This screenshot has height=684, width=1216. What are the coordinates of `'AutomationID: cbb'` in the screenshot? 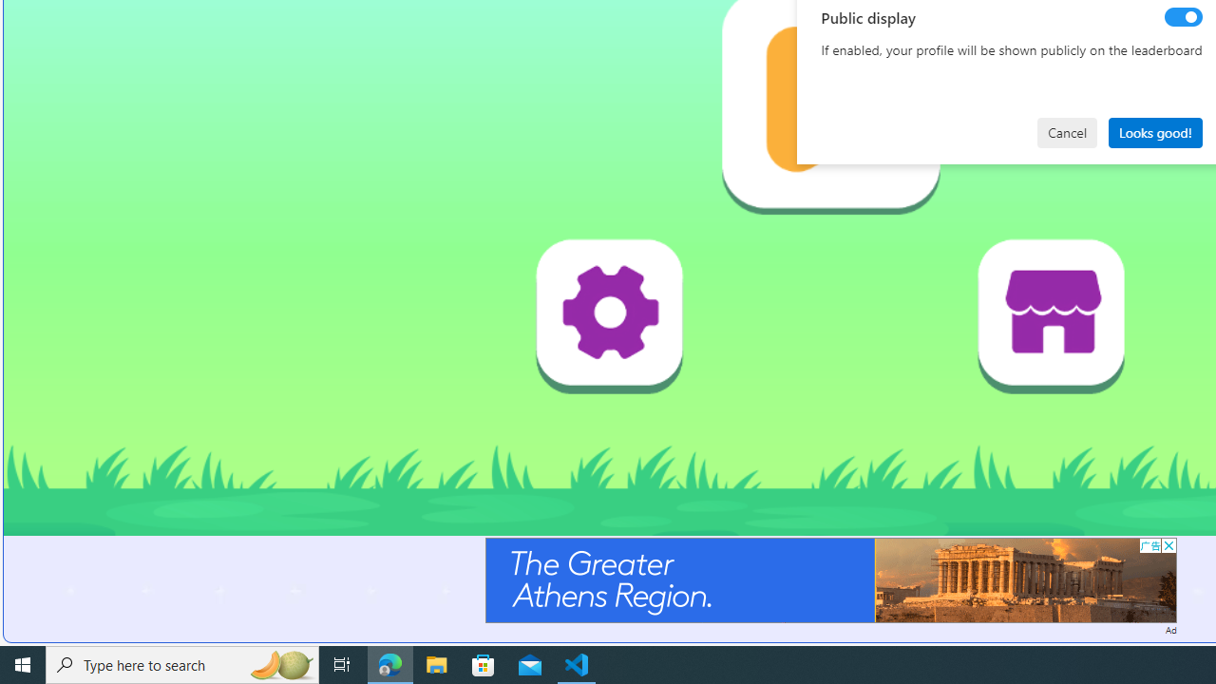 It's located at (1168, 545).